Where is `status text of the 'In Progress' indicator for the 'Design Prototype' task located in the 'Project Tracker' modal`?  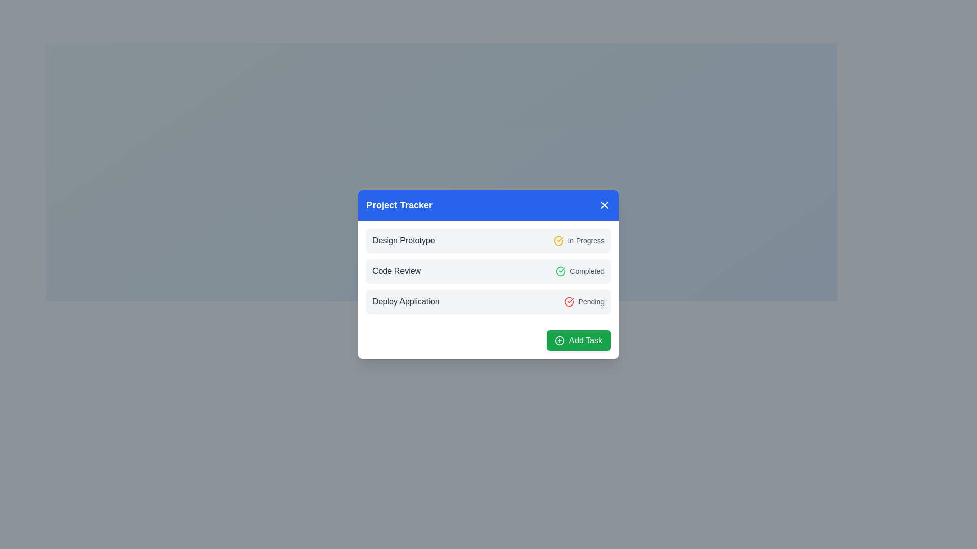 status text of the 'In Progress' indicator for the 'Design Prototype' task located in the 'Project Tracker' modal is located at coordinates (579, 241).